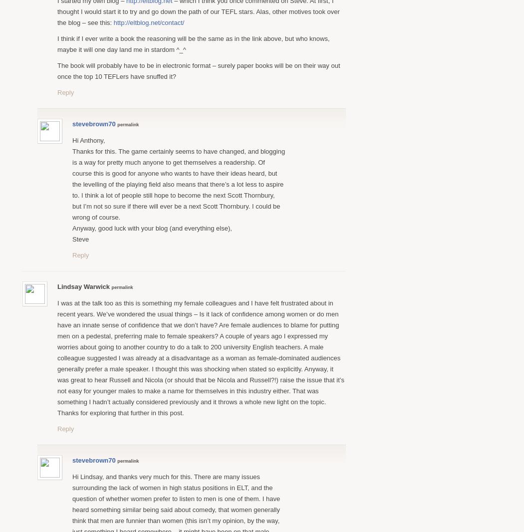  I want to click on 'http://eltblog.net/contact/', so click(148, 21).